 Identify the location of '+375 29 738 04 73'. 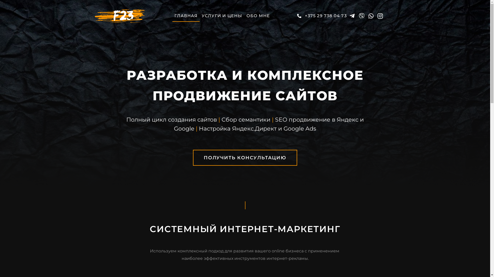
(321, 15).